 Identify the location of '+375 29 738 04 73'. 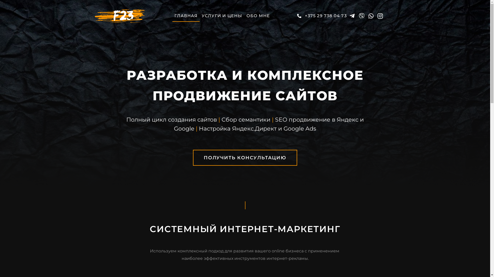
(321, 15).